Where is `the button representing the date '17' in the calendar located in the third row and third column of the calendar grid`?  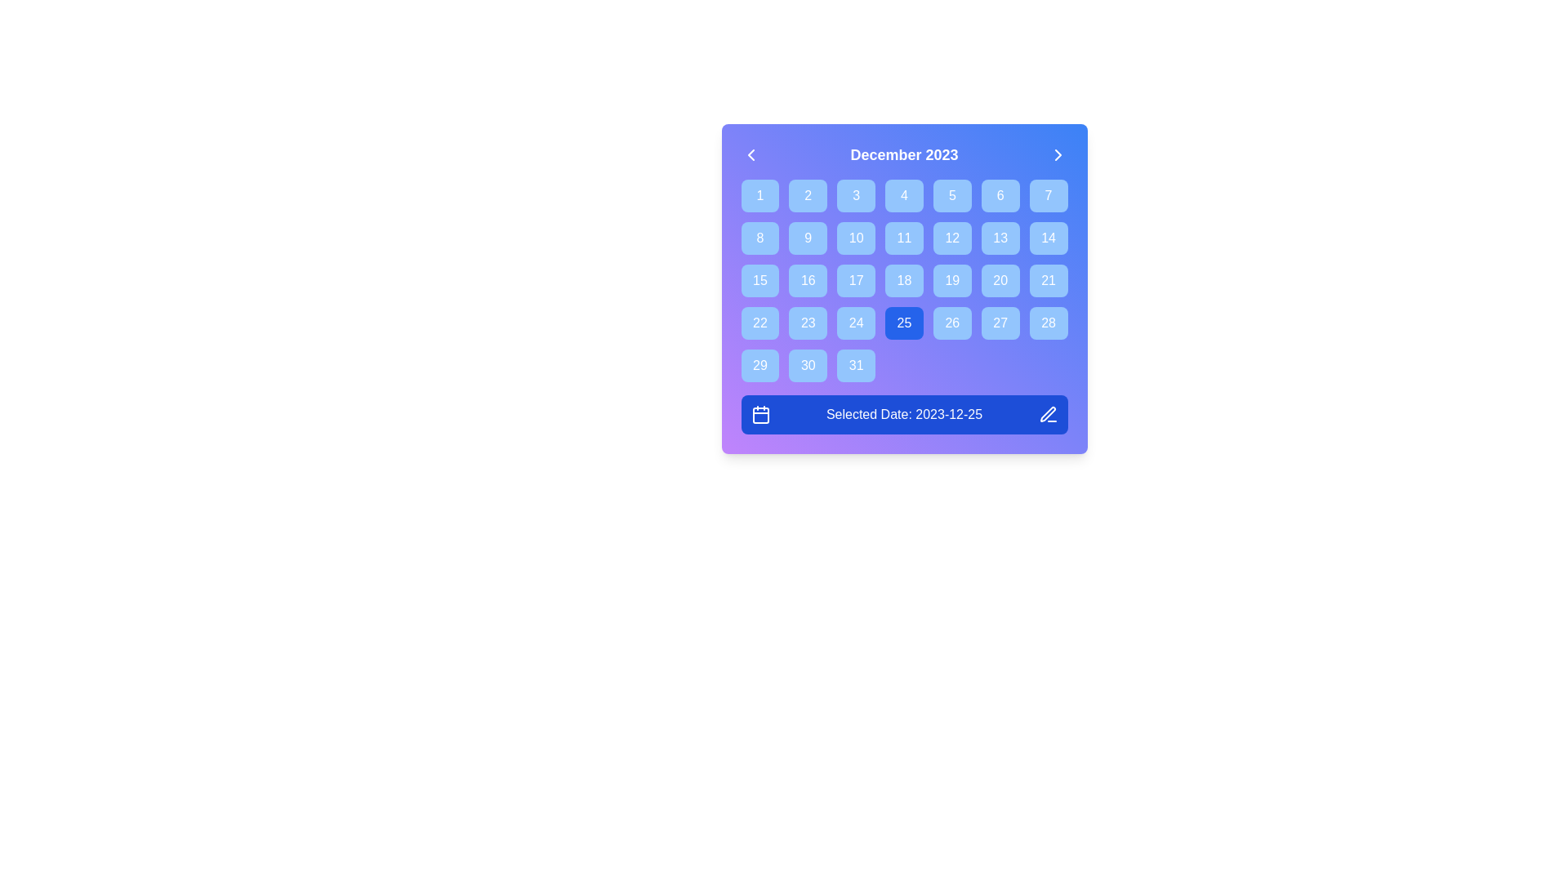
the button representing the date '17' in the calendar located in the third row and third column of the calendar grid is located at coordinates (855, 279).